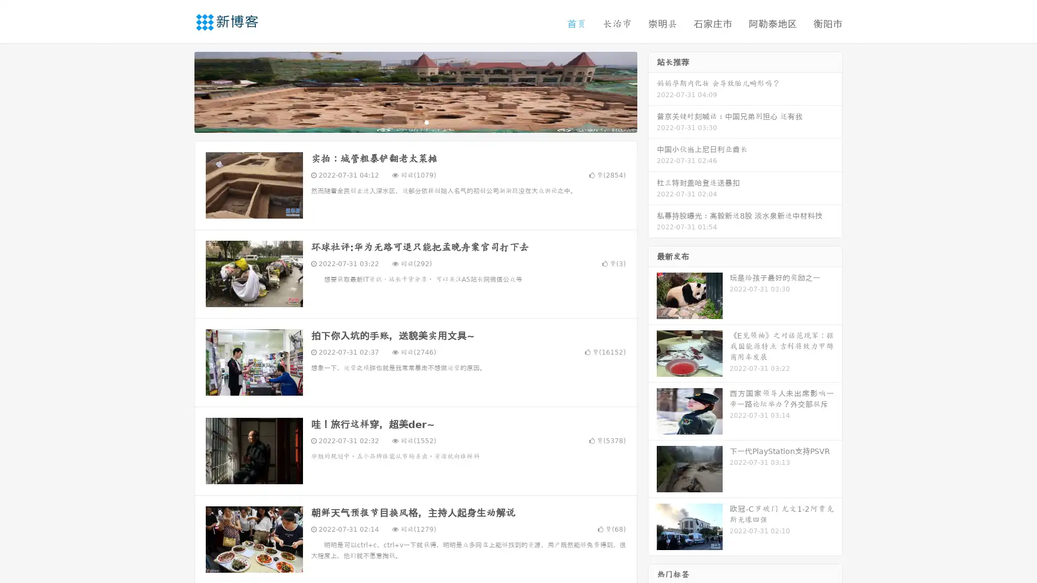 This screenshot has width=1037, height=583. Describe the element at coordinates (404, 121) in the screenshot. I see `Go to slide 1` at that location.